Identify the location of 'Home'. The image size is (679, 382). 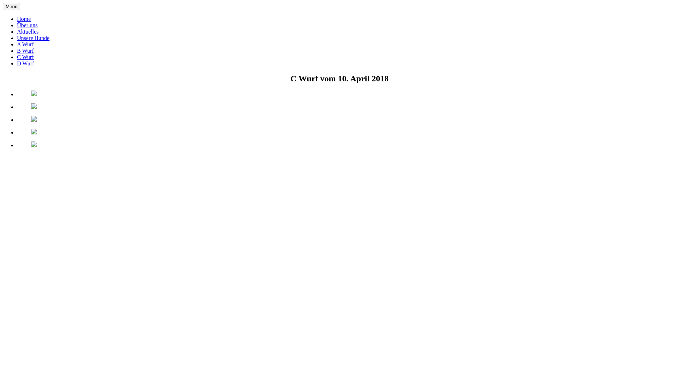
(17, 18).